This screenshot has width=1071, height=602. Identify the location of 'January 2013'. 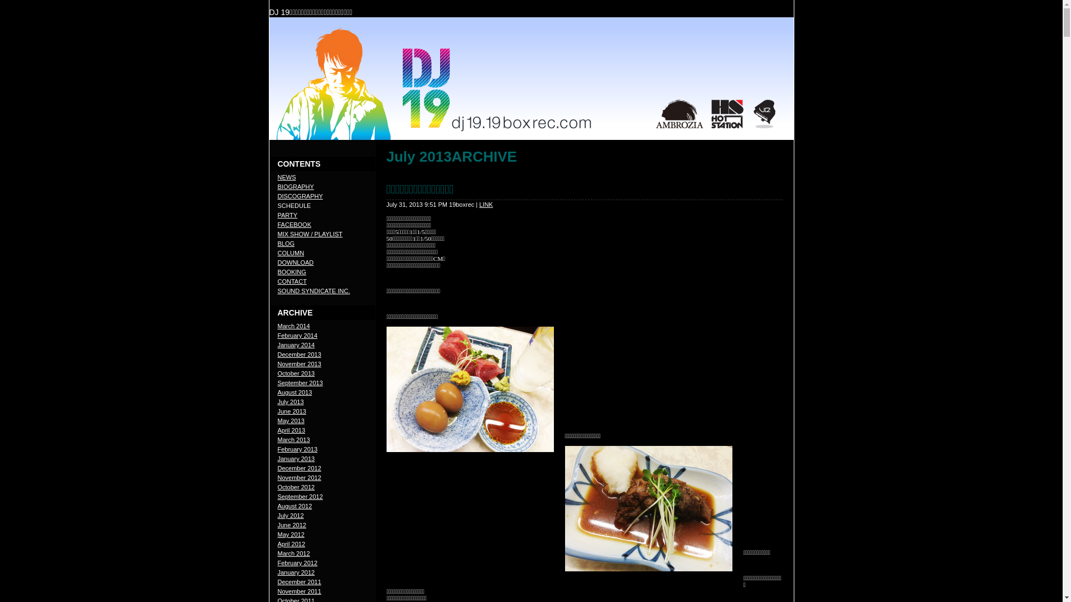
(296, 458).